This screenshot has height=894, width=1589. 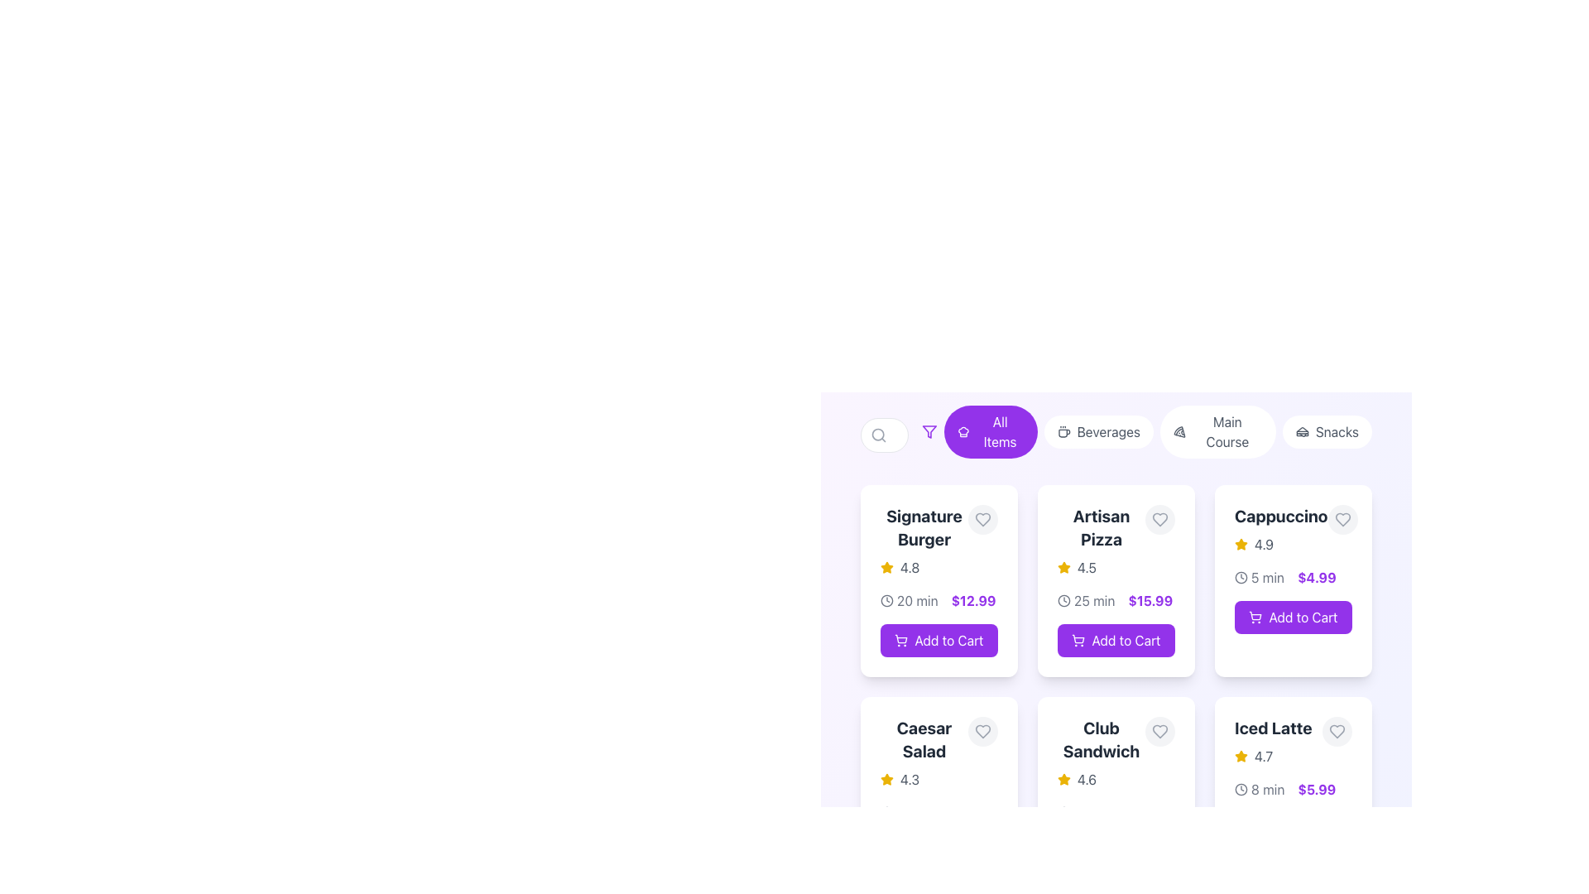 I want to click on the heart icon at the top-right corner of the 'Club Sandwich' card, so click(x=1159, y=730).